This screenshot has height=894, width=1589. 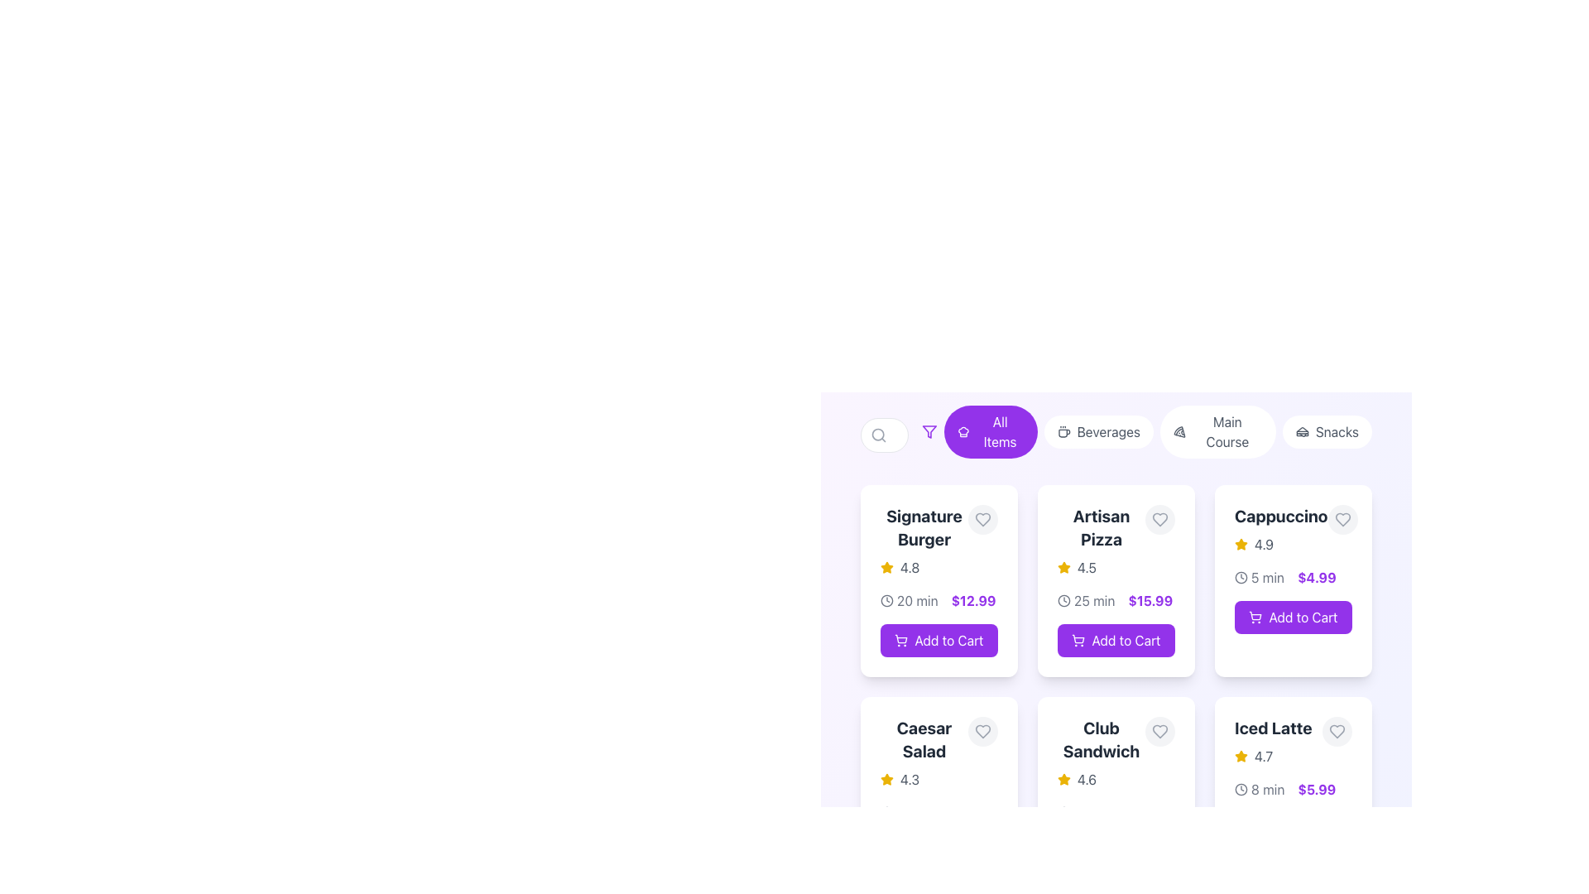 I want to click on the heart icon at the top-right corner of the 'Club Sandwich' card, so click(x=1159, y=730).